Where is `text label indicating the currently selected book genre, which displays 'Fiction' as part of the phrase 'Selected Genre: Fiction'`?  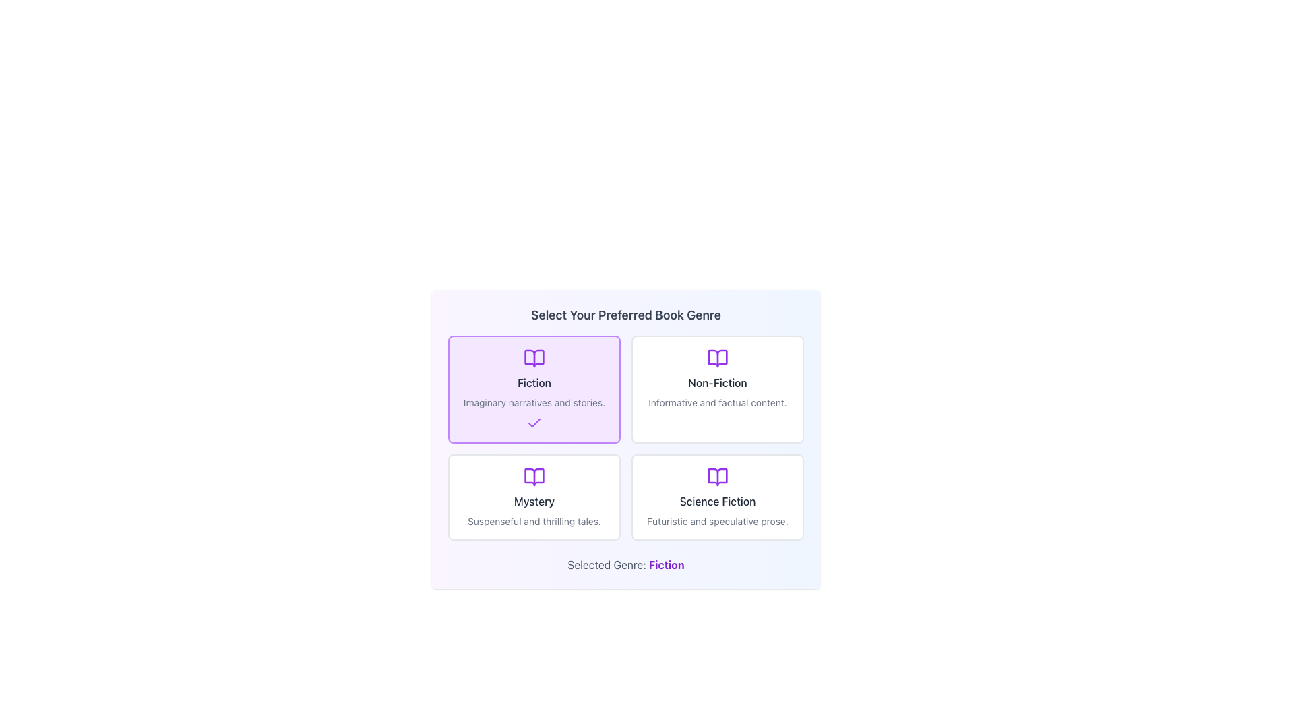
text label indicating the currently selected book genre, which displays 'Fiction' as part of the phrase 'Selected Genre: Fiction' is located at coordinates (667, 564).